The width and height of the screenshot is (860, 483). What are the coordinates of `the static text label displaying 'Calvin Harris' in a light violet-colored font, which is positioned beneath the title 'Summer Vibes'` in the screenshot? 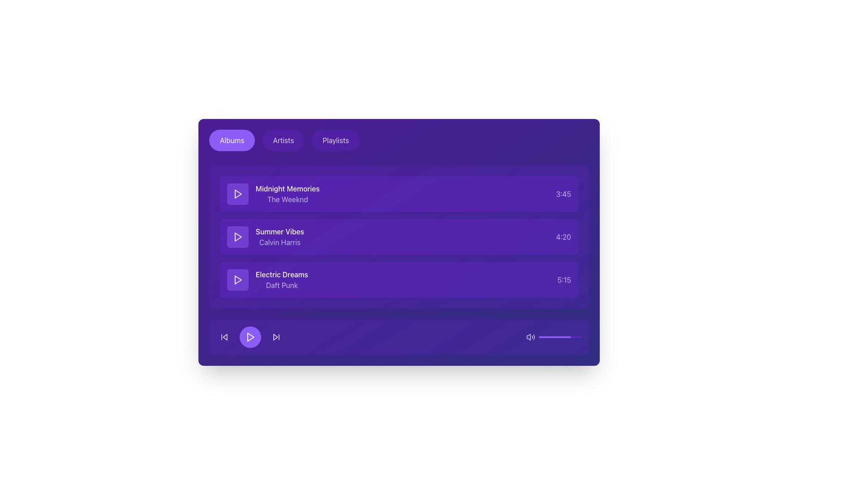 It's located at (279, 242).